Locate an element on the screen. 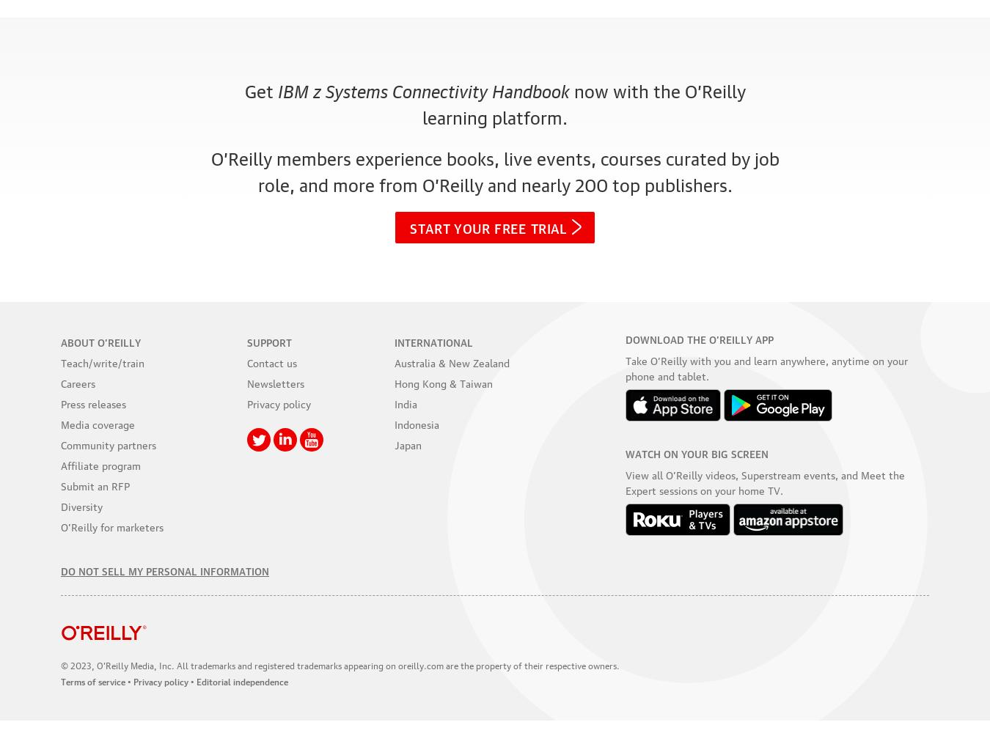  'Download the O’Reilly App' is located at coordinates (624, 338).